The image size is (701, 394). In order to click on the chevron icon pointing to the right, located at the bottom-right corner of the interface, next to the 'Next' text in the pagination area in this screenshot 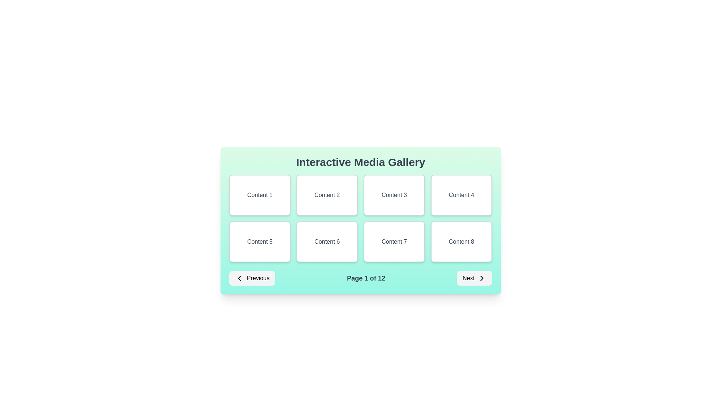, I will do `click(482, 278)`.